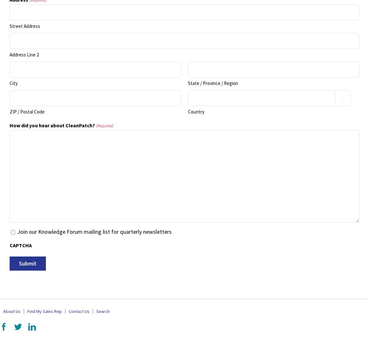 This screenshot has width=369, height=337. What do you see at coordinates (212, 83) in the screenshot?
I see `'State / Province / Region'` at bounding box center [212, 83].